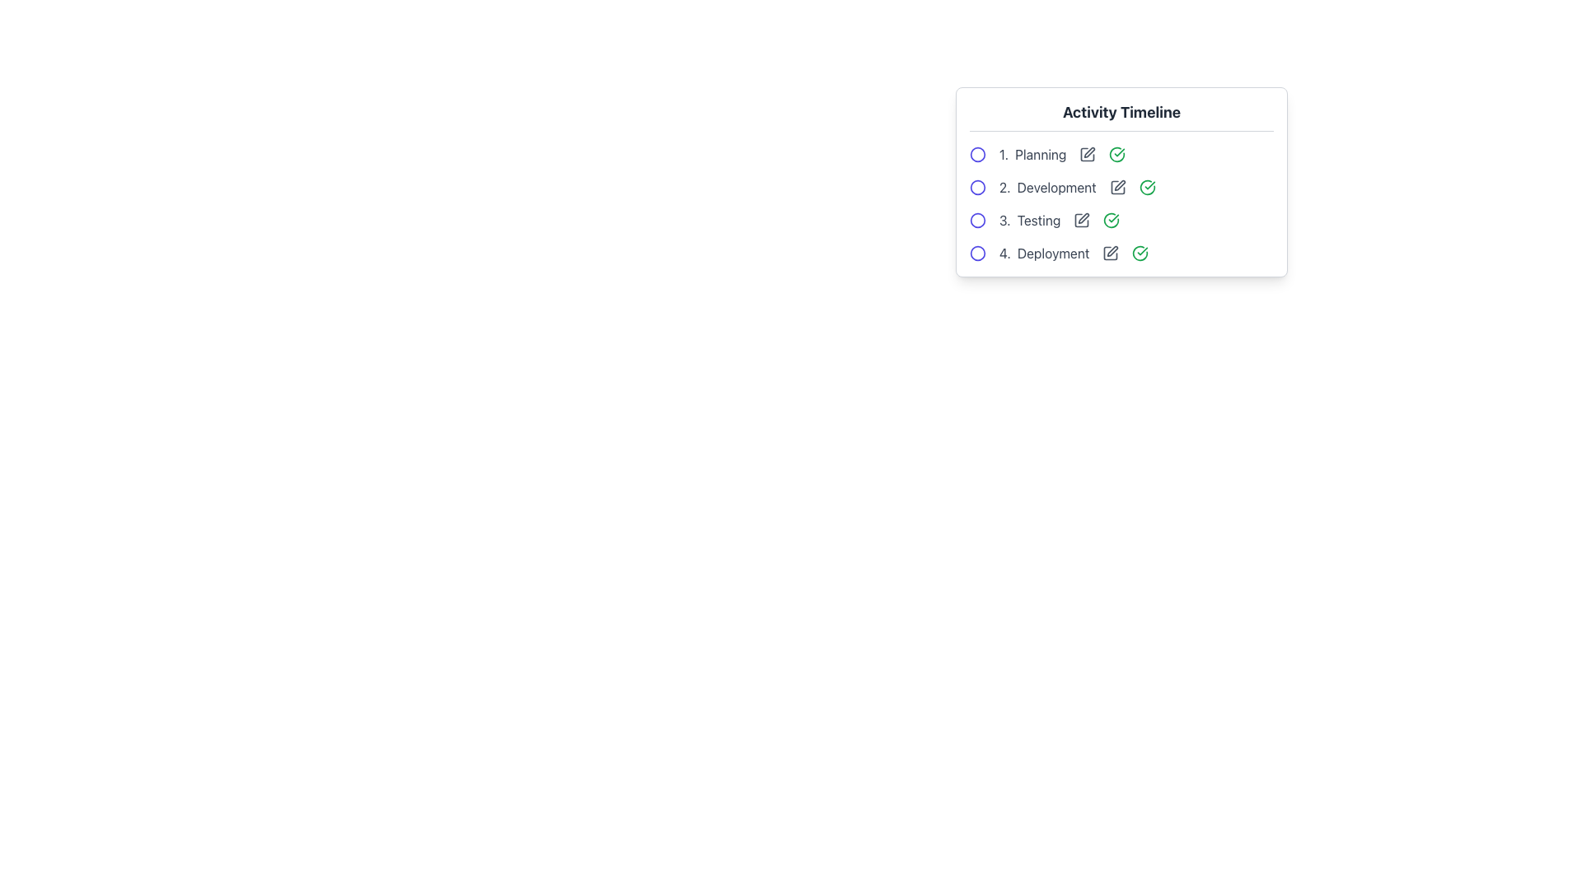  What do you see at coordinates (1140, 254) in the screenshot?
I see `the status indicator icon that confirms the completion of step '4. Deployment' in the 'Activity Timeline' section, located to the far-right of the icon group` at bounding box center [1140, 254].